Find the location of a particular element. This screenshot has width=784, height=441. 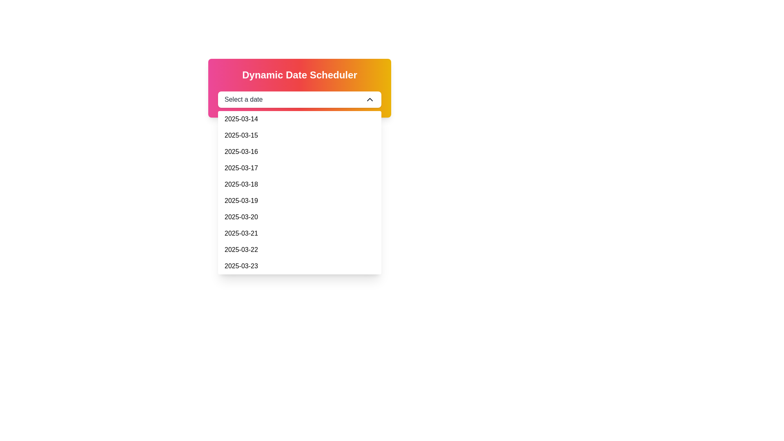

the date dropdown menu item representing '2025-03-18' is located at coordinates (299, 184).